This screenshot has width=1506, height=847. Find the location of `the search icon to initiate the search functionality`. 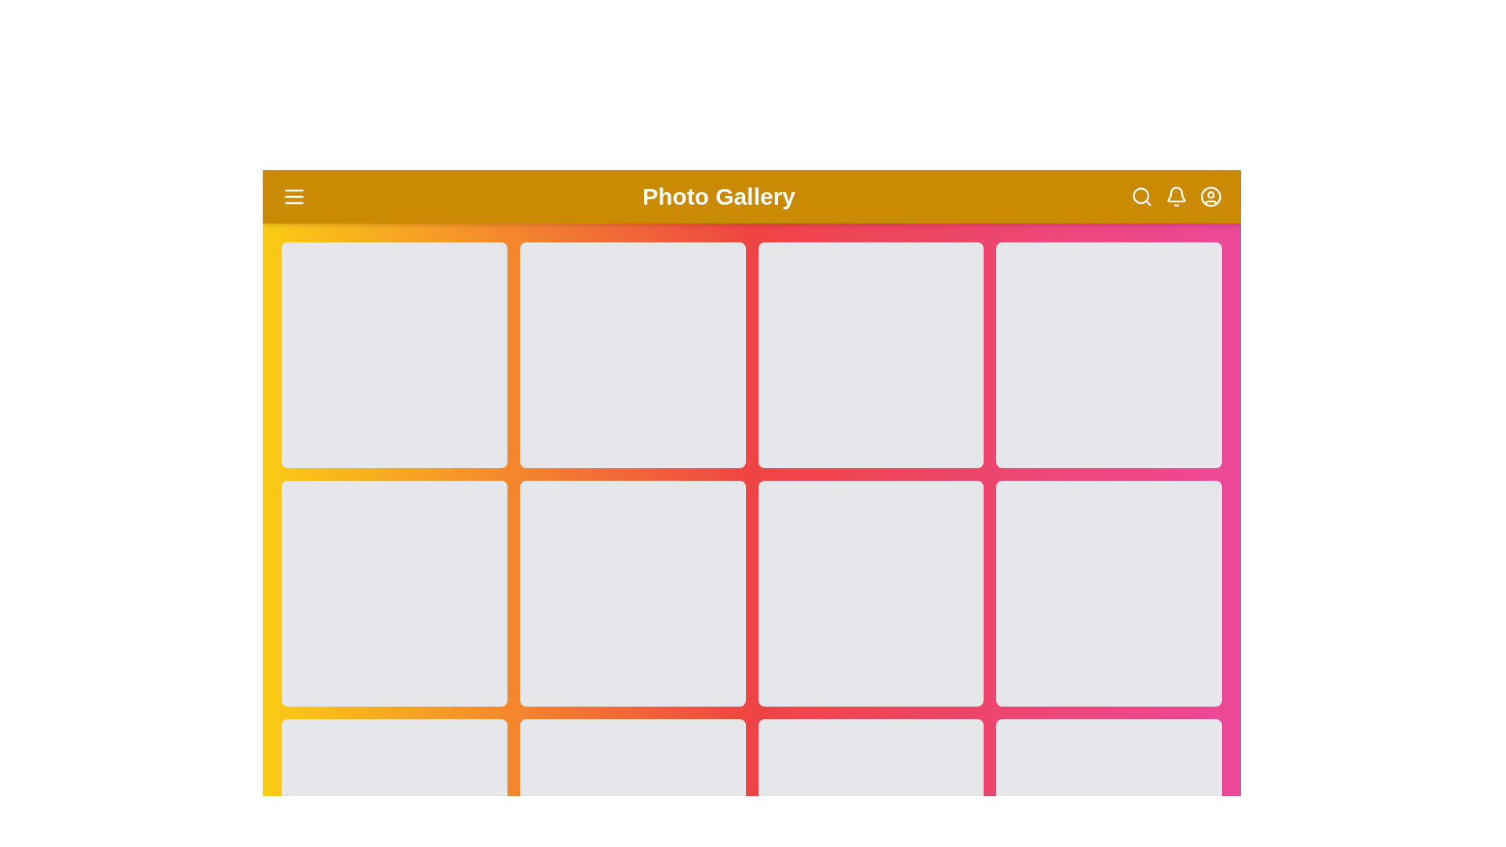

the search icon to initiate the search functionality is located at coordinates (1141, 195).